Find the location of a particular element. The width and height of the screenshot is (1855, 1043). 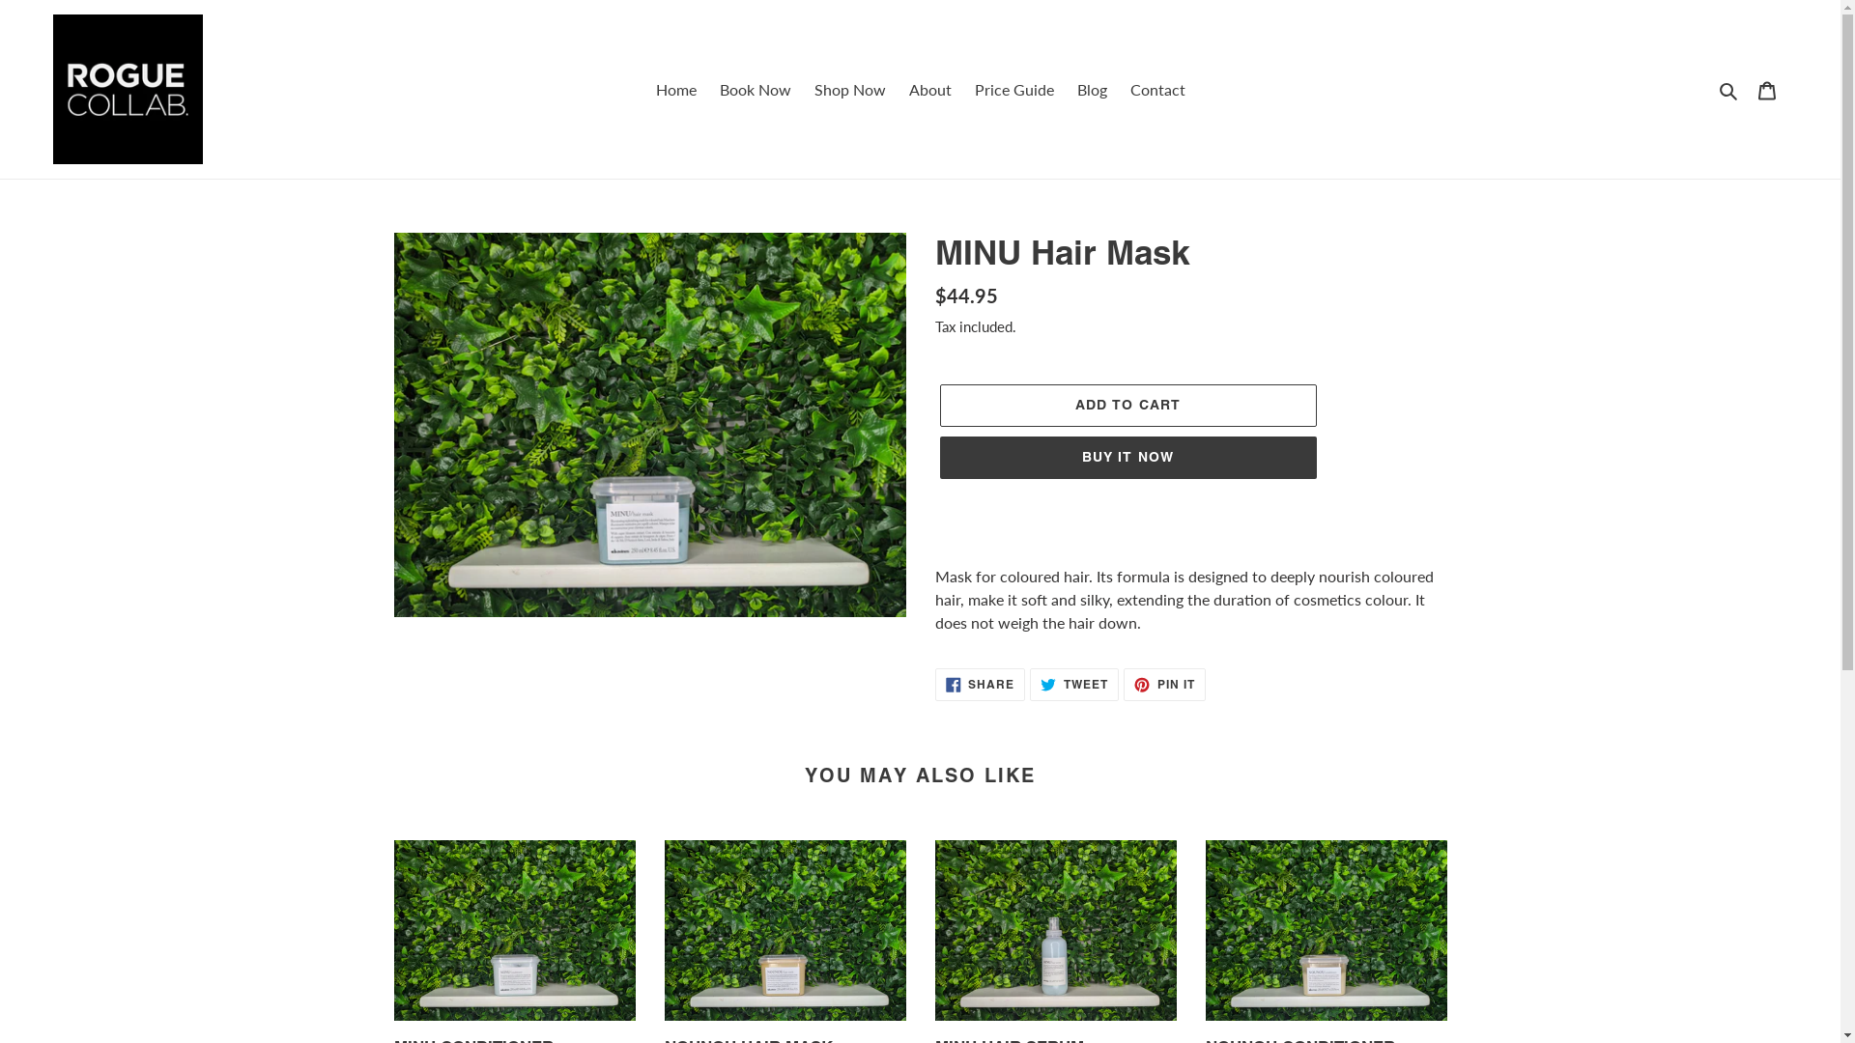

'SHARE is located at coordinates (980, 684).